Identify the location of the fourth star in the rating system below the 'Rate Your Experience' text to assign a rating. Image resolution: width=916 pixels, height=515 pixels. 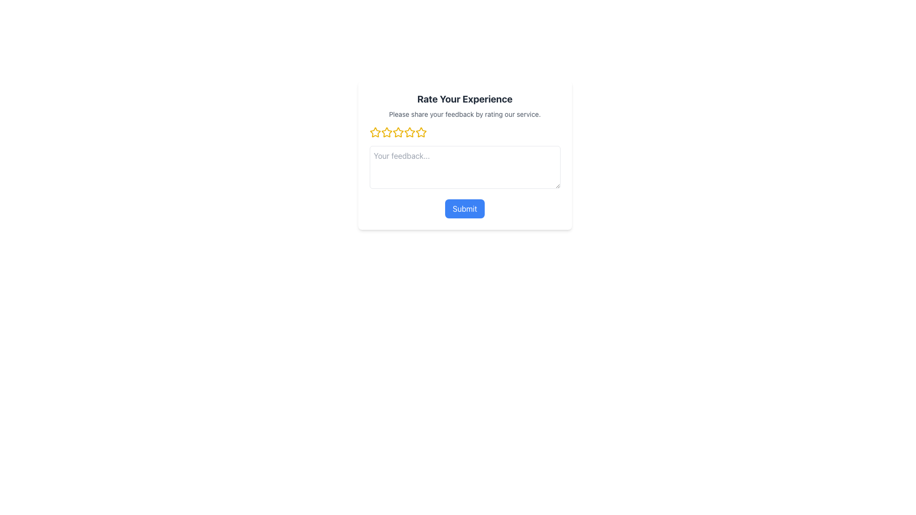
(420, 132).